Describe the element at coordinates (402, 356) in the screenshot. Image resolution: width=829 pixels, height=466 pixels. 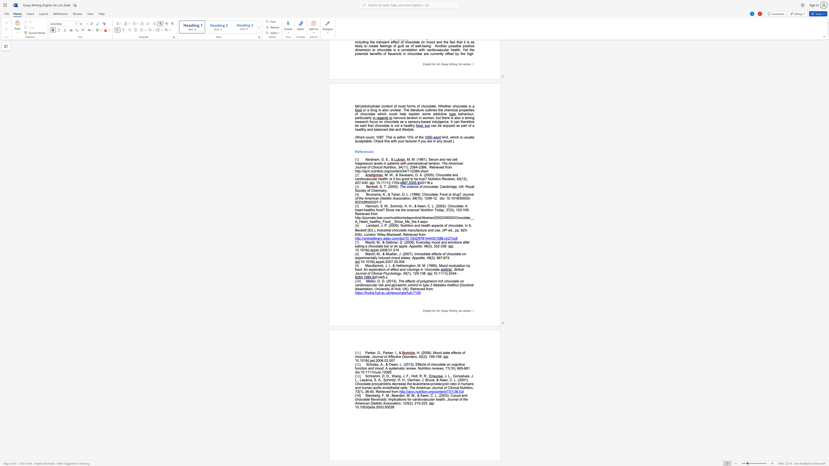
I see `the subset text "Disor" within the text "Journal of Affective Disorders"` at that location.